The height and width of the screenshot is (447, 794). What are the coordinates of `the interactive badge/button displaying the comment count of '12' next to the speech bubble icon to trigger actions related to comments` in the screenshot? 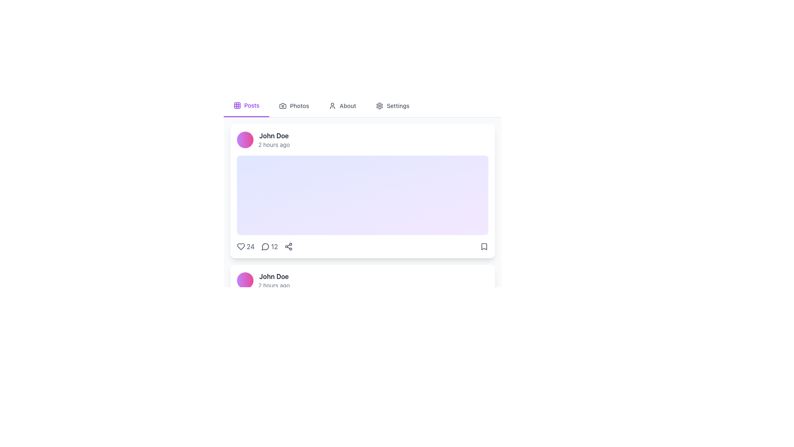 It's located at (269, 246).